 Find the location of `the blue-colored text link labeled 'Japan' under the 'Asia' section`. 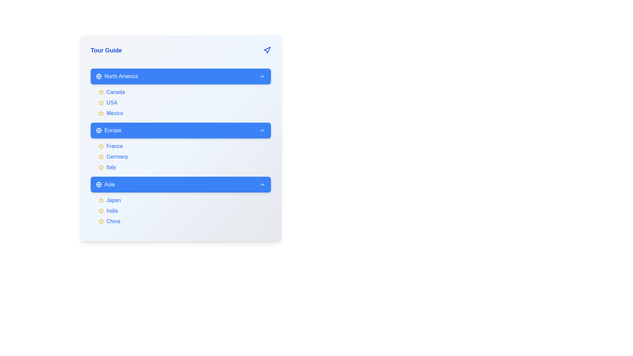

the blue-colored text link labeled 'Japan' under the 'Asia' section is located at coordinates (113, 200).